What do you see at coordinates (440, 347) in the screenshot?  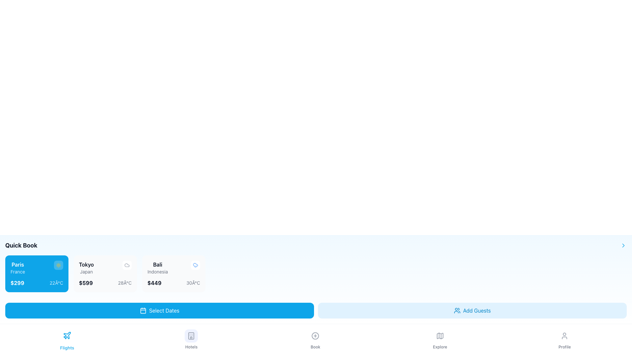 I see `the text label displaying 'Explore' in the bottom navigation menu, which is styled with a small font size and gray color` at bounding box center [440, 347].